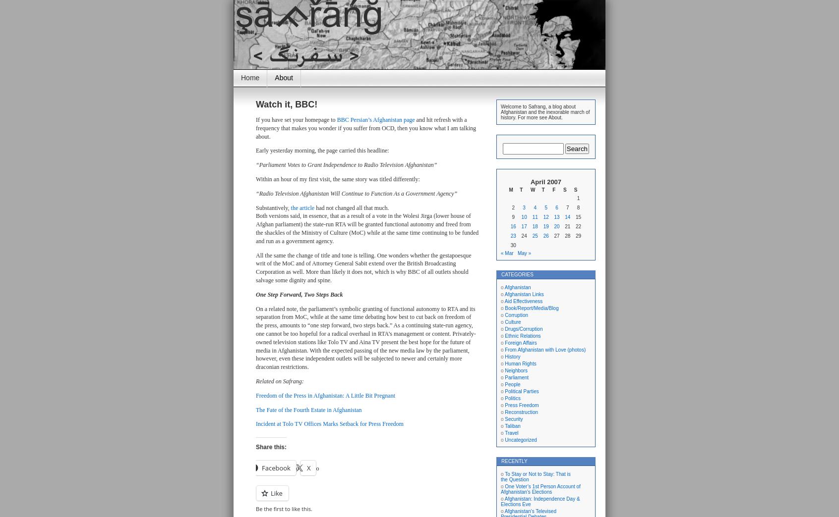  Describe the element at coordinates (286, 104) in the screenshot. I see `'Watch it, BBC!'` at that location.